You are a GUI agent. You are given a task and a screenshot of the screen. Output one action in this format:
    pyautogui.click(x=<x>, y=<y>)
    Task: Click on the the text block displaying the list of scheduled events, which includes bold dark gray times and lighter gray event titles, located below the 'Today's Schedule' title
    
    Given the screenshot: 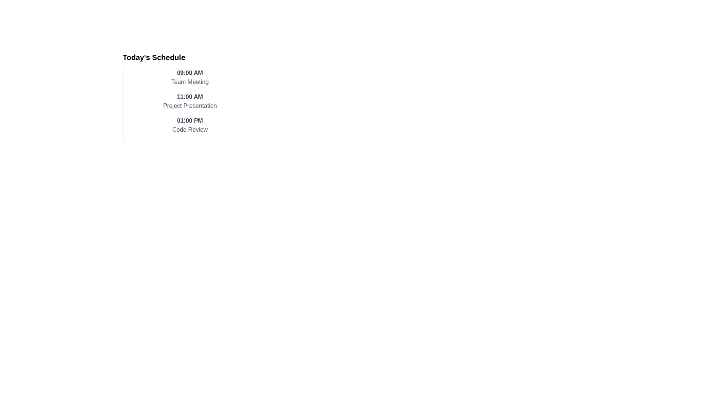 What is the action you would take?
    pyautogui.click(x=186, y=104)
    